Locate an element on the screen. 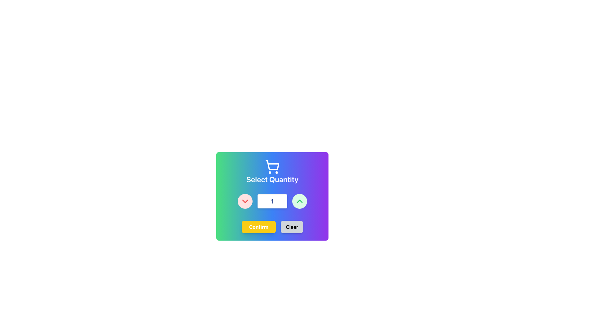  the text input field with a white background, rounded corners, and blue text displaying '1', located between a red circular button and a green circular button, below the label 'Select Quantity' is located at coordinates (272, 201).